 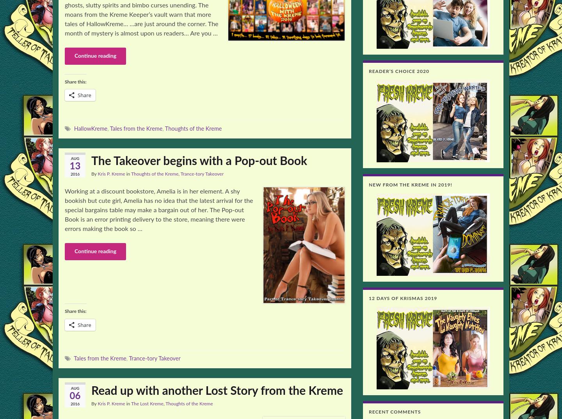 I want to click on '12 Days of Krismas 2019', so click(x=403, y=298).